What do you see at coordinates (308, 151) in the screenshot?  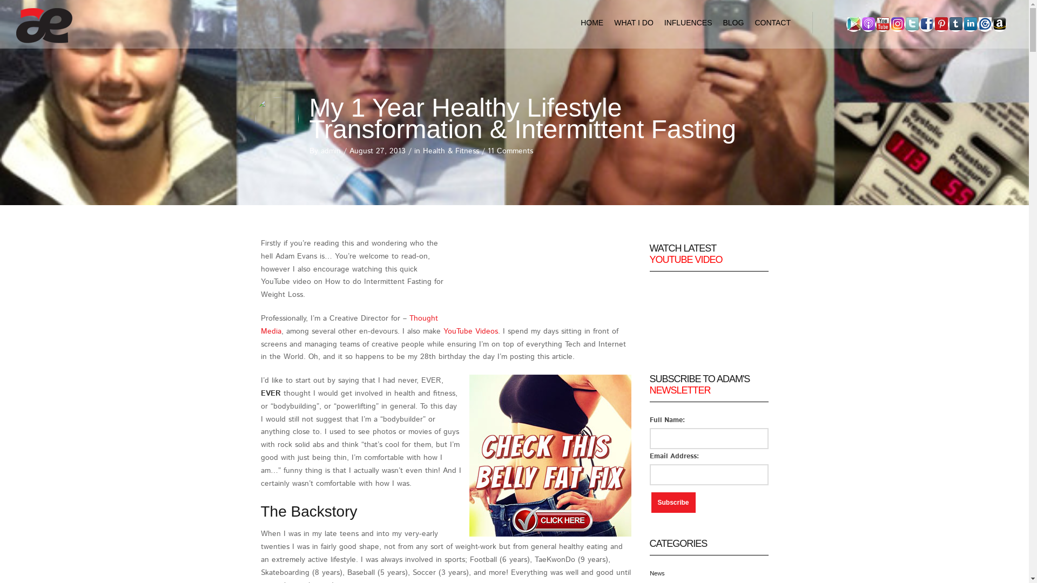 I see `'By admin'` at bounding box center [308, 151].